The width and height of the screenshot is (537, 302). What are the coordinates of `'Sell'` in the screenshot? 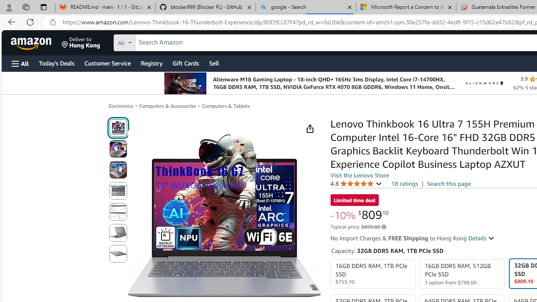 It's located at (214, 62).